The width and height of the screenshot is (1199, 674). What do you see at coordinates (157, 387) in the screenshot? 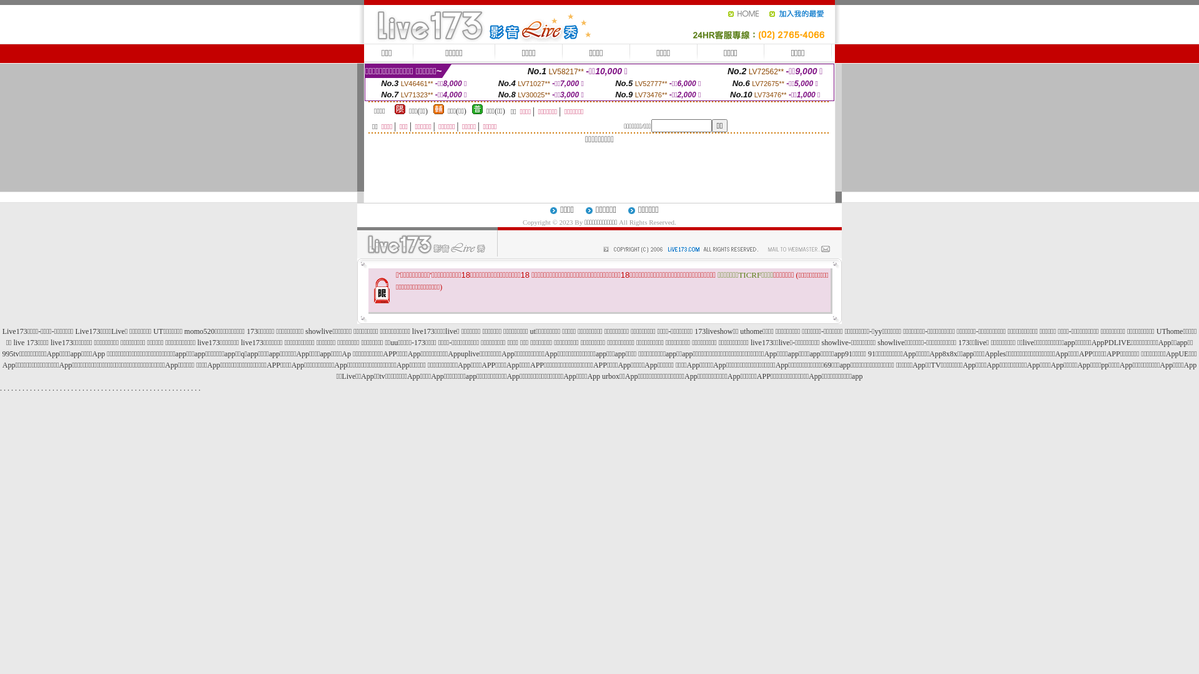
I see `'.'` at bounding box center [157, 387].